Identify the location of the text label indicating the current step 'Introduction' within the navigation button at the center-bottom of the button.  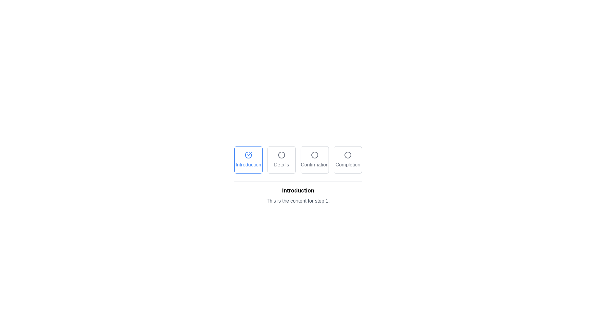
(248, 164).